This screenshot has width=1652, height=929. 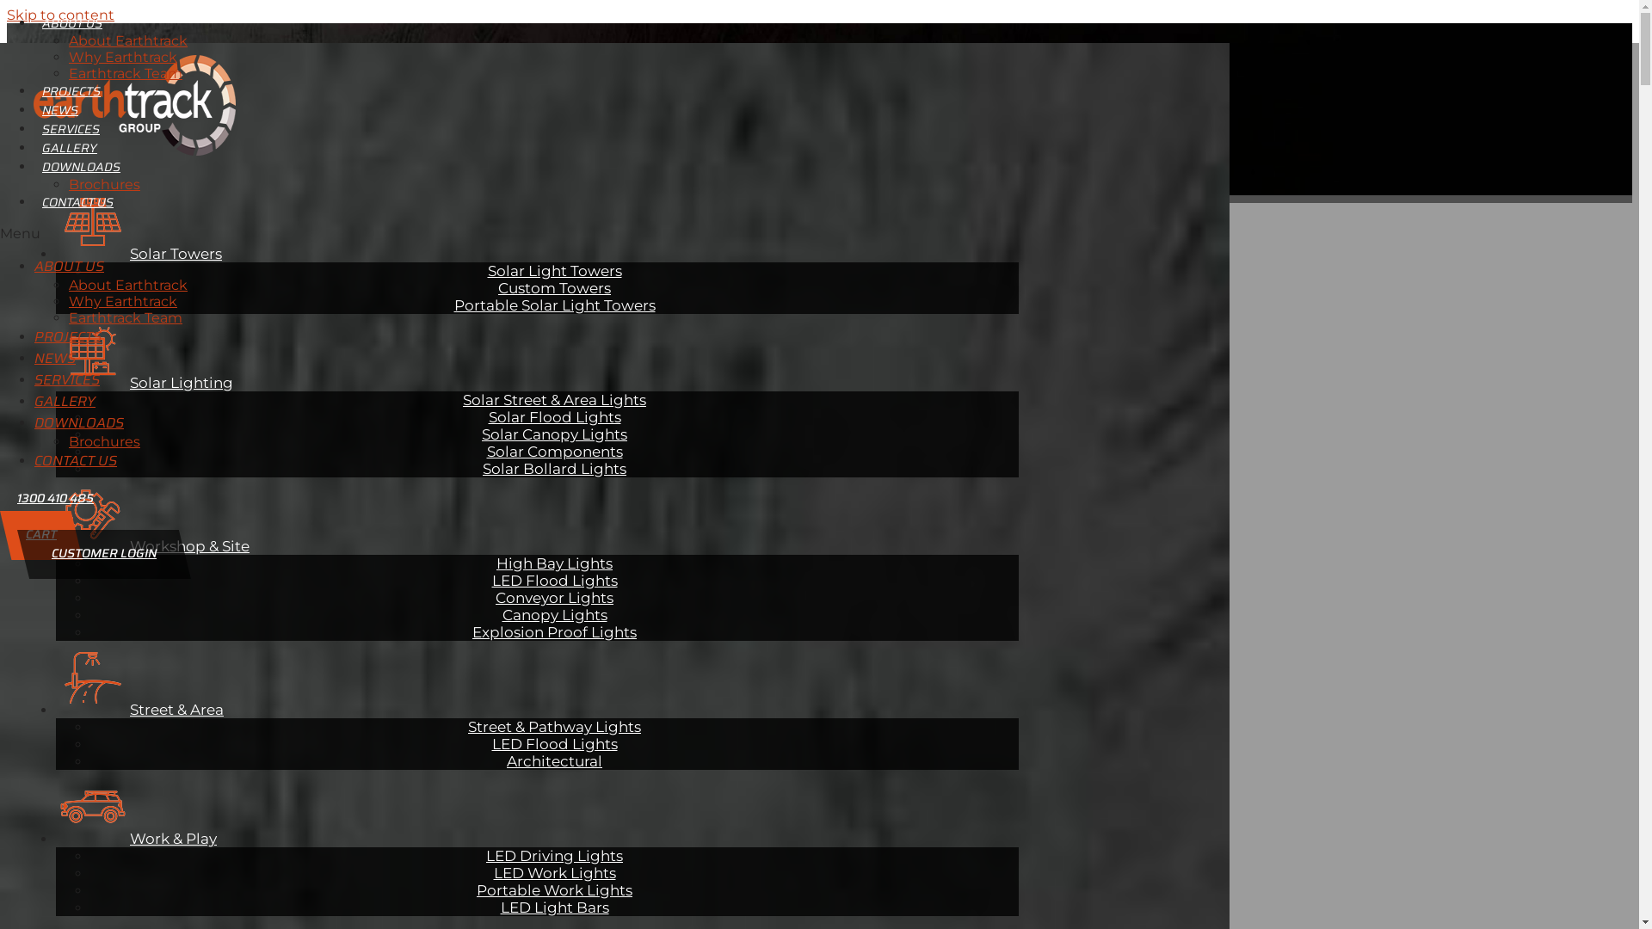 I want to click on 'Canopy Lights', so click(x=554, y=612).